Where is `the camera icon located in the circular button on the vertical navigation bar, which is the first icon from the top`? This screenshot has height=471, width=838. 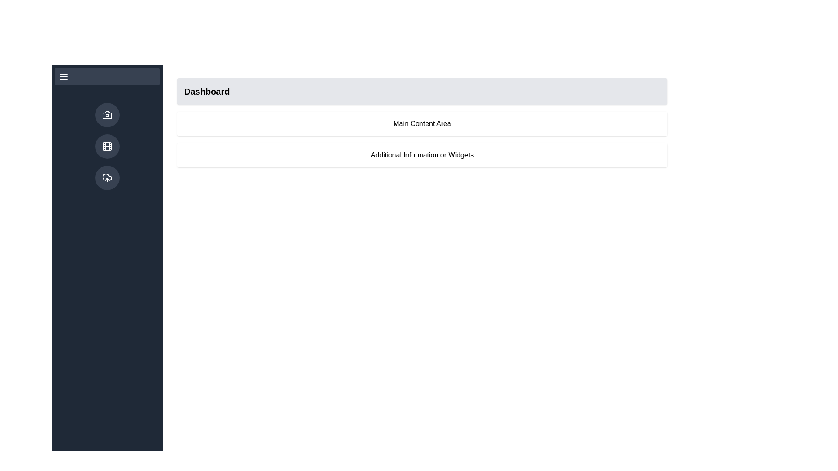
the camera icon located in the circular button on the vertical navigation bar, which is the first icon from the top is located at coordinates (106, 114).